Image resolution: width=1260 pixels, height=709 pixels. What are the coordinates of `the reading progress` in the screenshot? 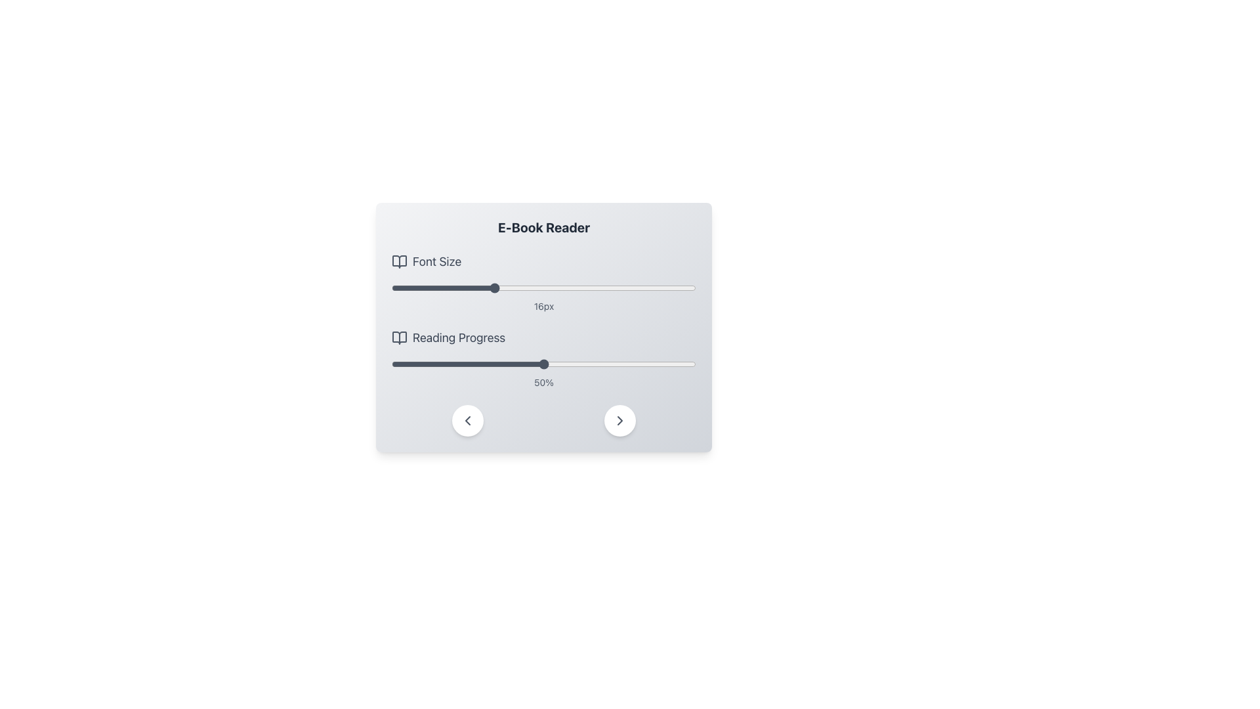 It's located at (465, 364).